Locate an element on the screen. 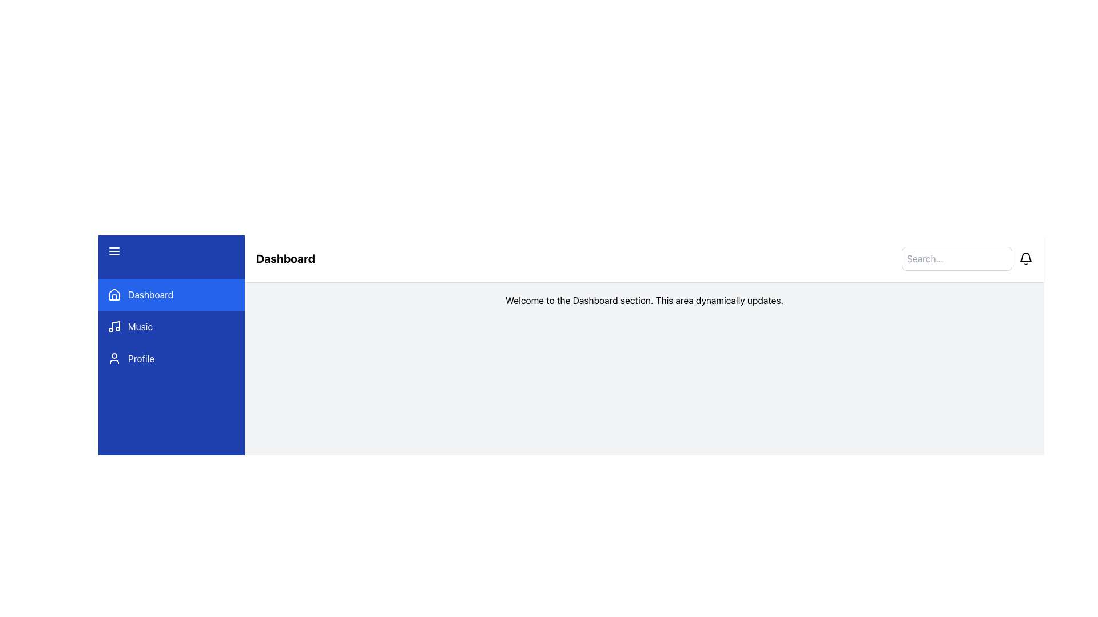 The height and width of the screenshot is (617, 1098). text content of the 'Profile' text label, which is the third item in the vertical list of menu options in the sidebar, displayed in white over a blue background is located at coordinates (141, 358).